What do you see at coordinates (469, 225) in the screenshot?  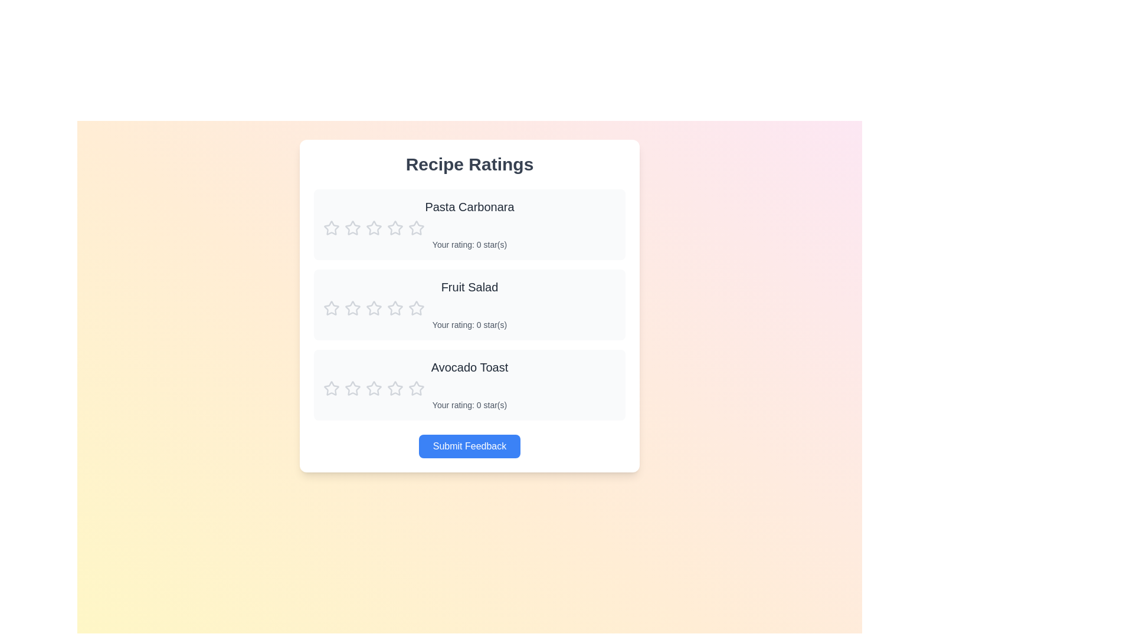 I see `the first star of the rating entry for the recipe 'Pasta Carbonara'` at bounding box center [469, 225].